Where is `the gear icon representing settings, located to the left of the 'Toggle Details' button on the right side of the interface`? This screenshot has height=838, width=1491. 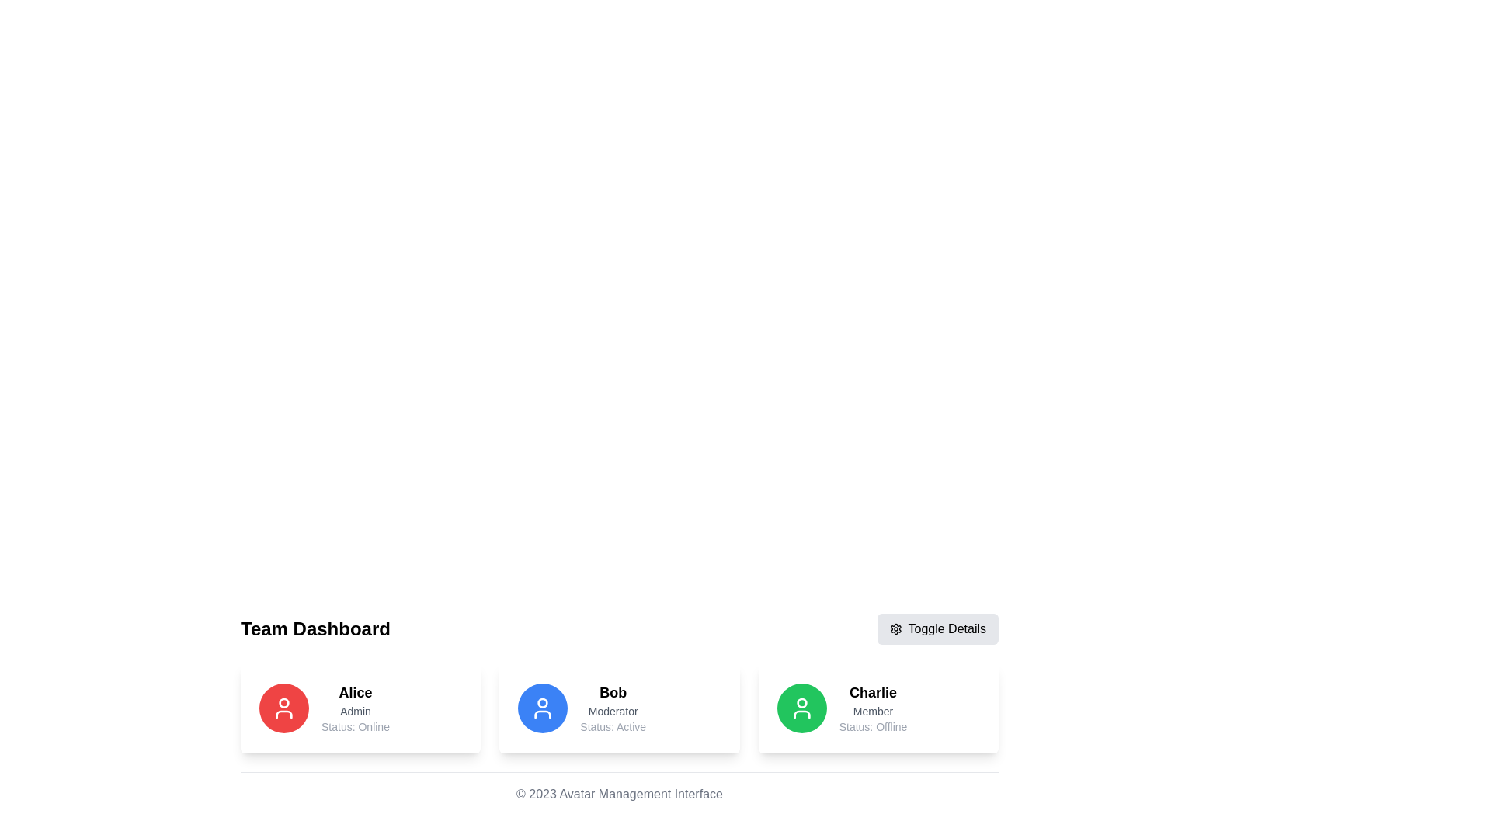
the gear icon representing settings, located to the left of the 'Toggle Details' button on the right side of the interface is located at coordinates (895, 628).